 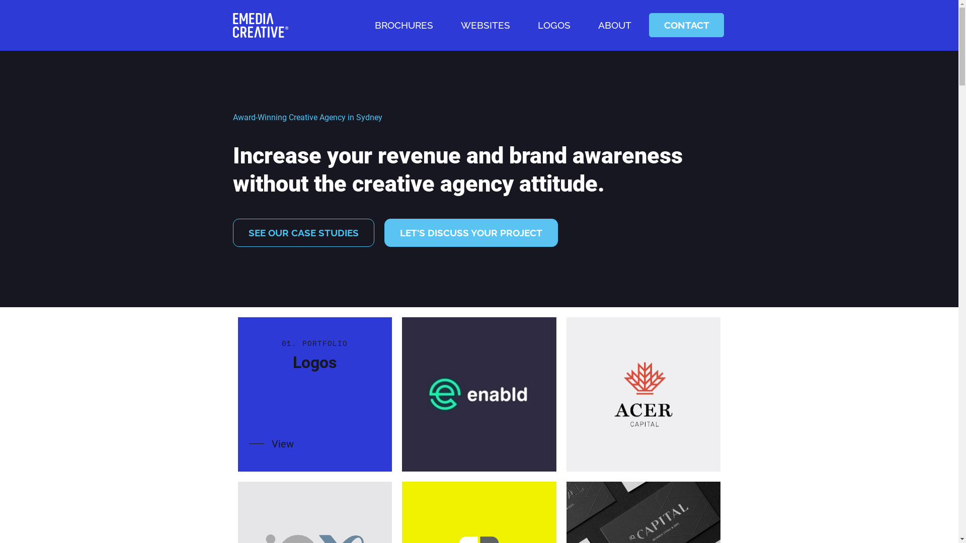 What do you see at coordinates (364, 25) in the screenshot?
I see `'BROCHURES'` at bounding box center [364, 25].